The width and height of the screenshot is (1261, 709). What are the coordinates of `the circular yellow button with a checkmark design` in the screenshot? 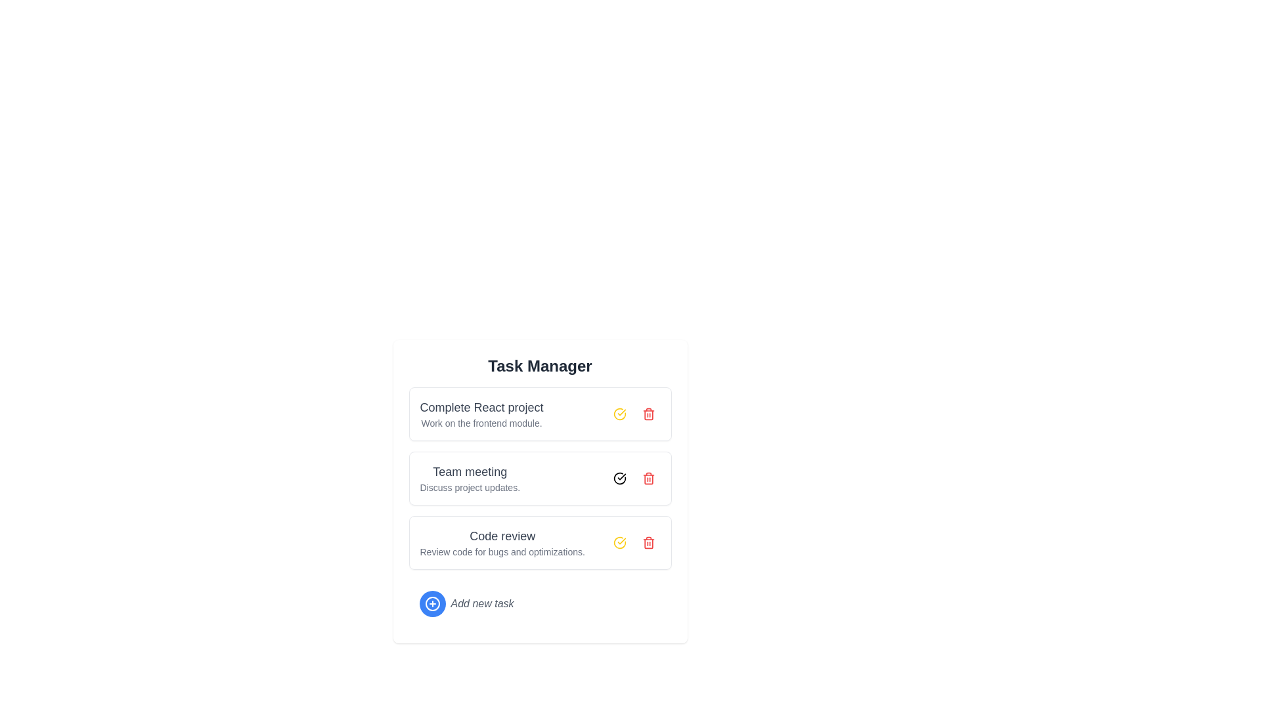 It's located at (619, 414).